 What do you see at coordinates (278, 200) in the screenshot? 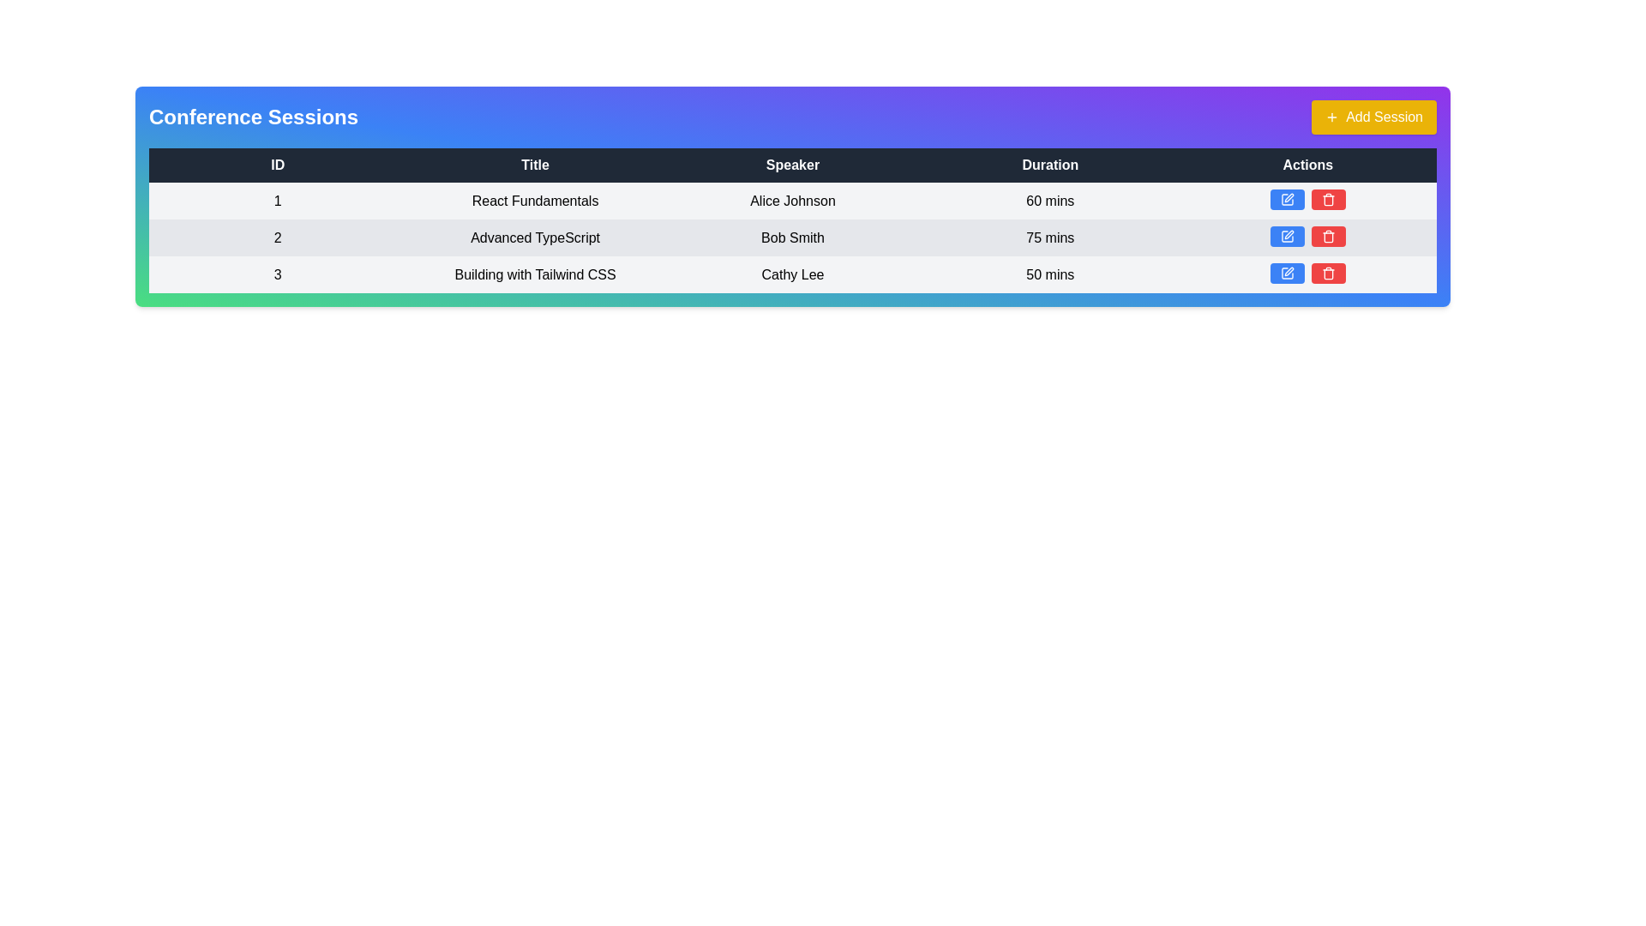
I see `the first table cell in the 'Conference Sessions' table, which serves as the identifying number for the row under the 'ID' header` at bounding box center [278, 200].